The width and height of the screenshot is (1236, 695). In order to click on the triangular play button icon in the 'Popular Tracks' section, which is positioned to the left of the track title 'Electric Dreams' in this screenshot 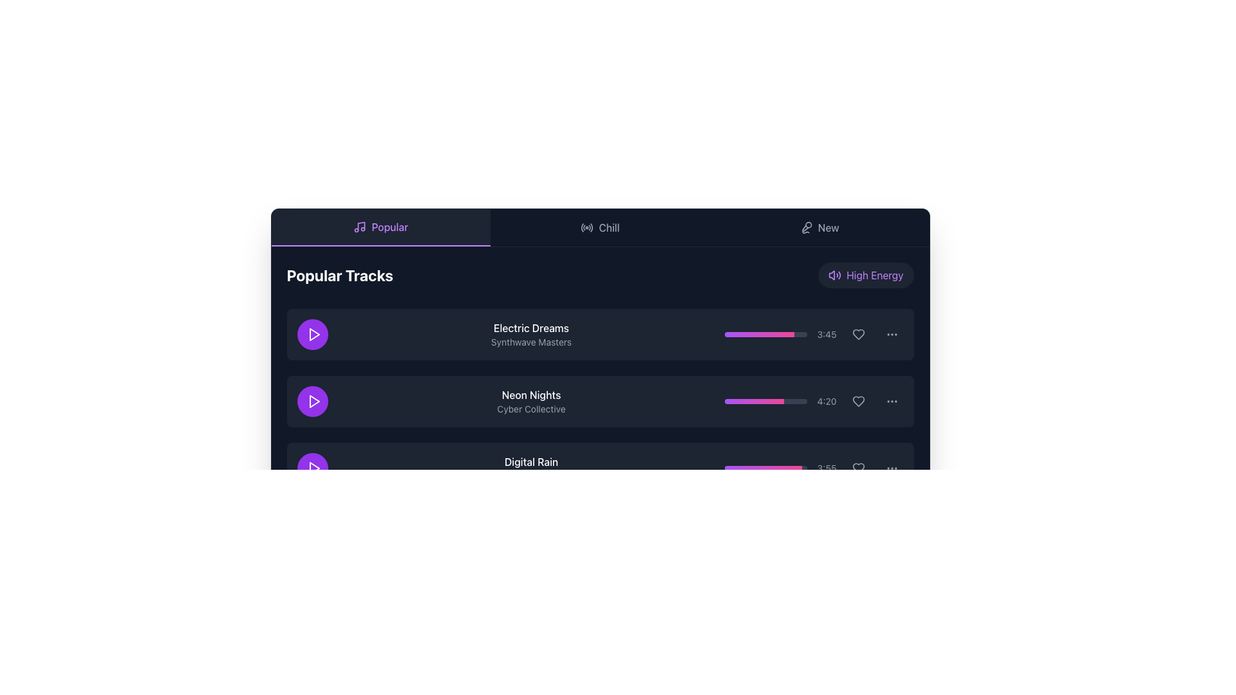, I will do `click(314, 334)`.